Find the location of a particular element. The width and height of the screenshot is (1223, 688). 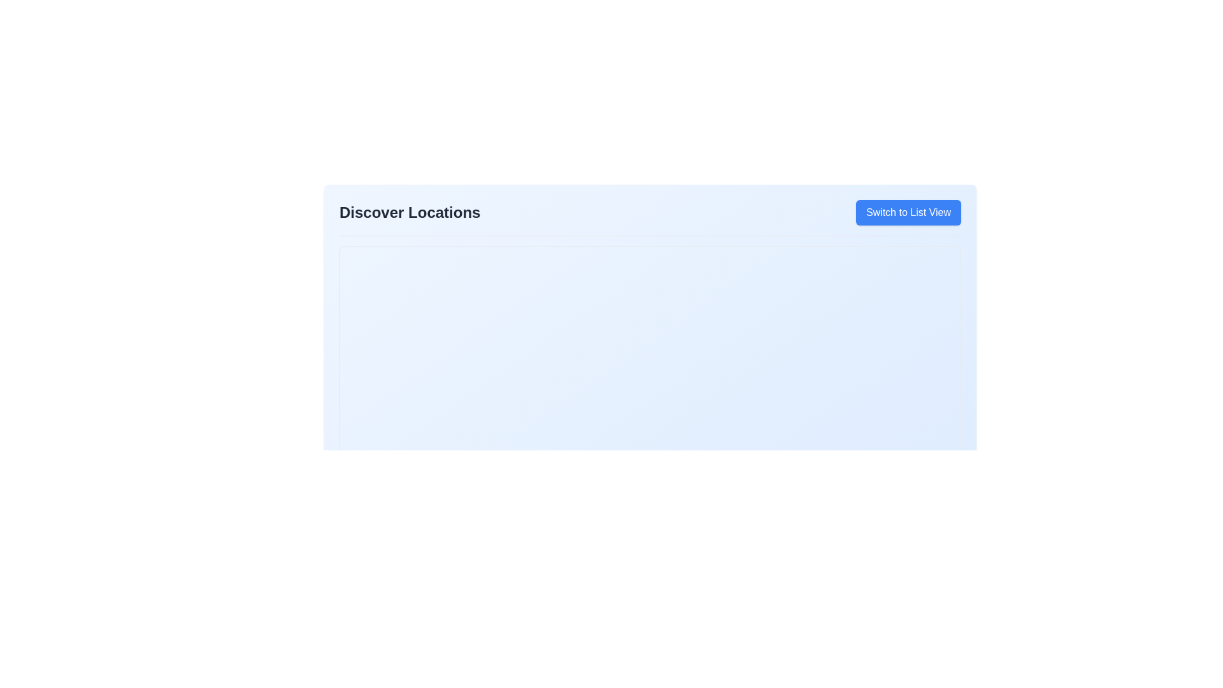

the button labeled 'Switch to List View' for keyboard interaction by targeting its center point is located at coordinates (908, 212).